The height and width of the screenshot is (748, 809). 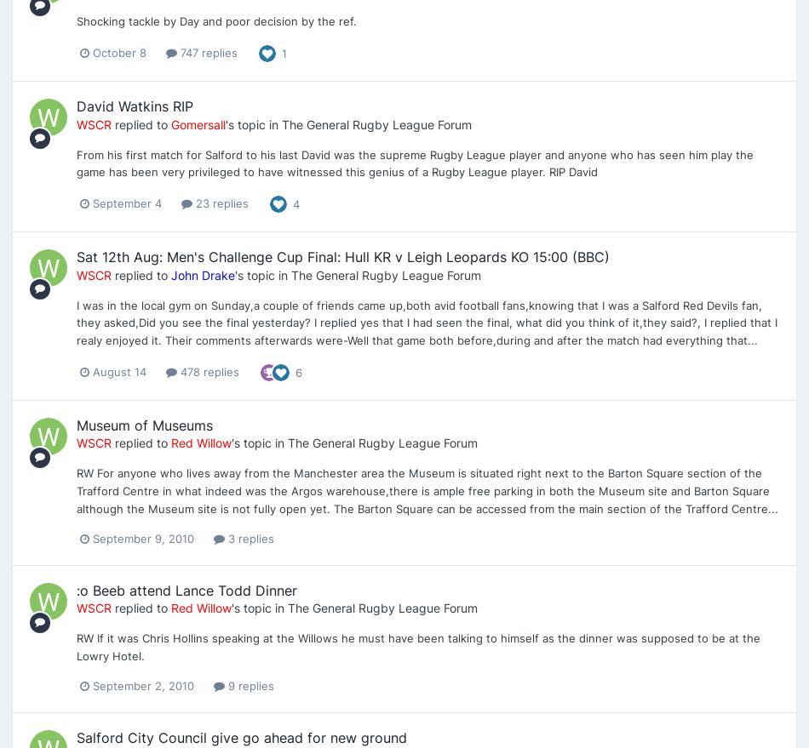 I want to click on 'RW For anyone who lives away from the Manchester area the Museum is situated right next to the Barton Square section of the Trafford Centre in what indeed was the Argos warehouse,there is ample free parking in both the Museum site and Barton Square although the Museum site is not fully open yet. 

The Barton Square can be accessed from the main section of the Trafford Centre...', so click(x=76, y=489).